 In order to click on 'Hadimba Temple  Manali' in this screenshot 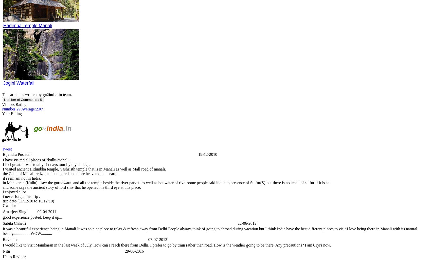, I will do `click(27, 25)`.